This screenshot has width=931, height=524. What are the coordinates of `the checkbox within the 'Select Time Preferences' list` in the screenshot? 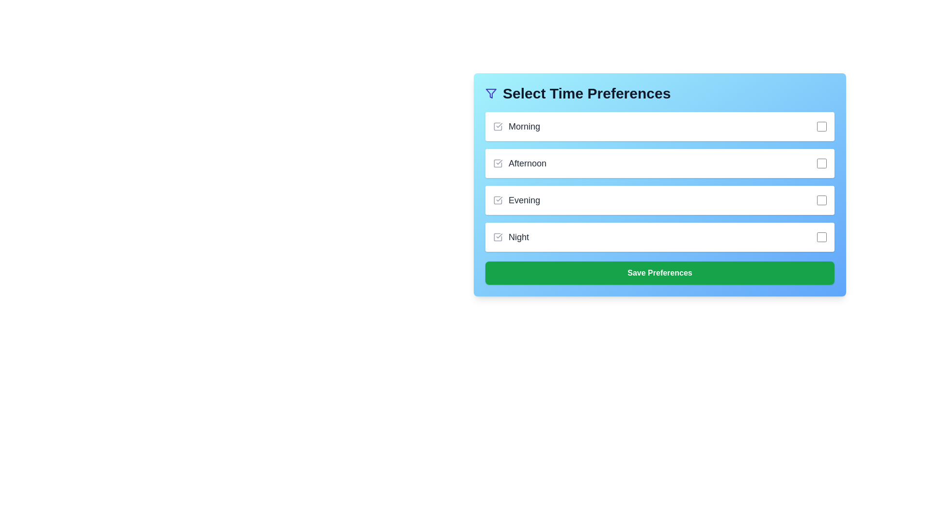 It's located at (659, 181).